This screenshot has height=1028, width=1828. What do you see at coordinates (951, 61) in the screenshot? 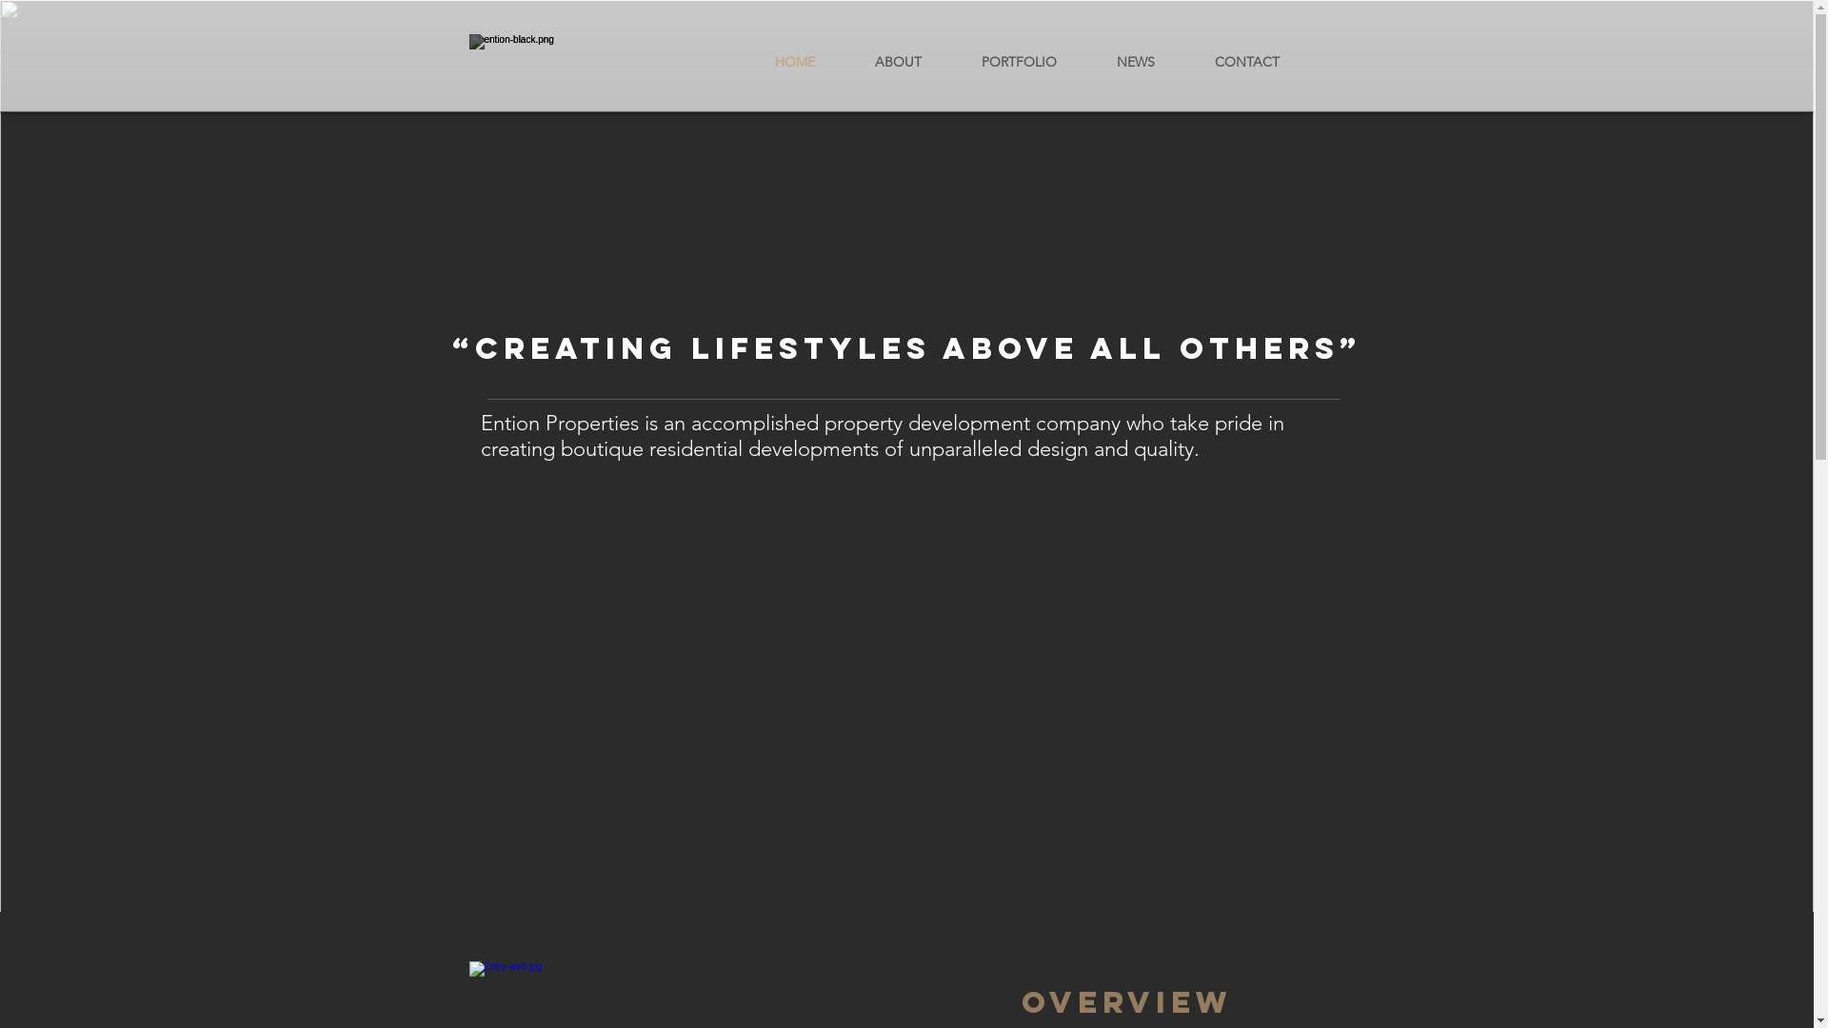
I see `'PORTFOLIO'` at bounding box center [951, 61].